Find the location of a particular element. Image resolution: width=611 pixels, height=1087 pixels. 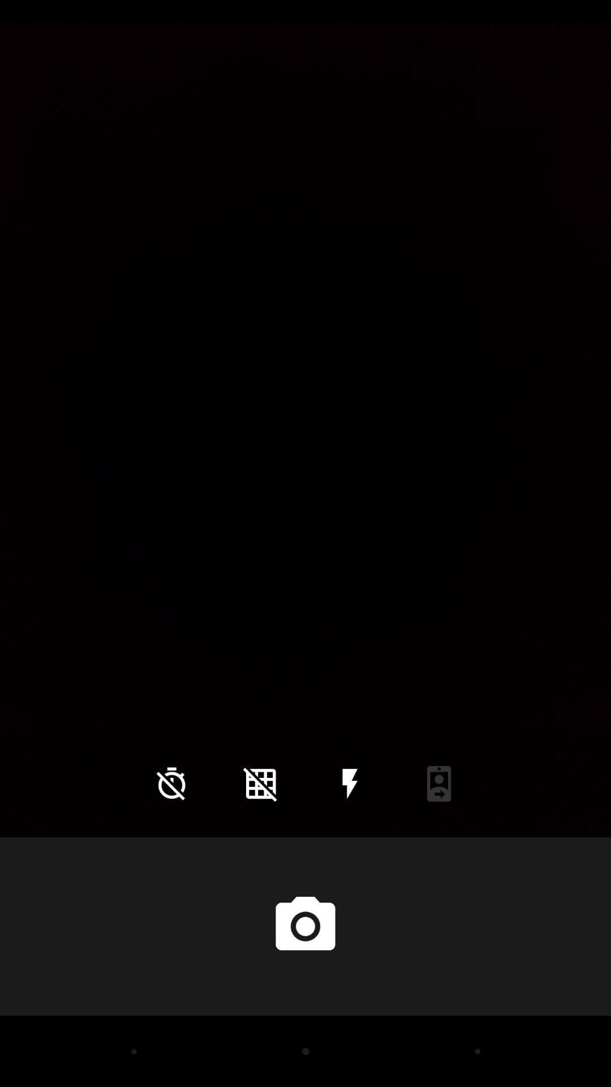

the time icon is located at coordinates (171, 783).